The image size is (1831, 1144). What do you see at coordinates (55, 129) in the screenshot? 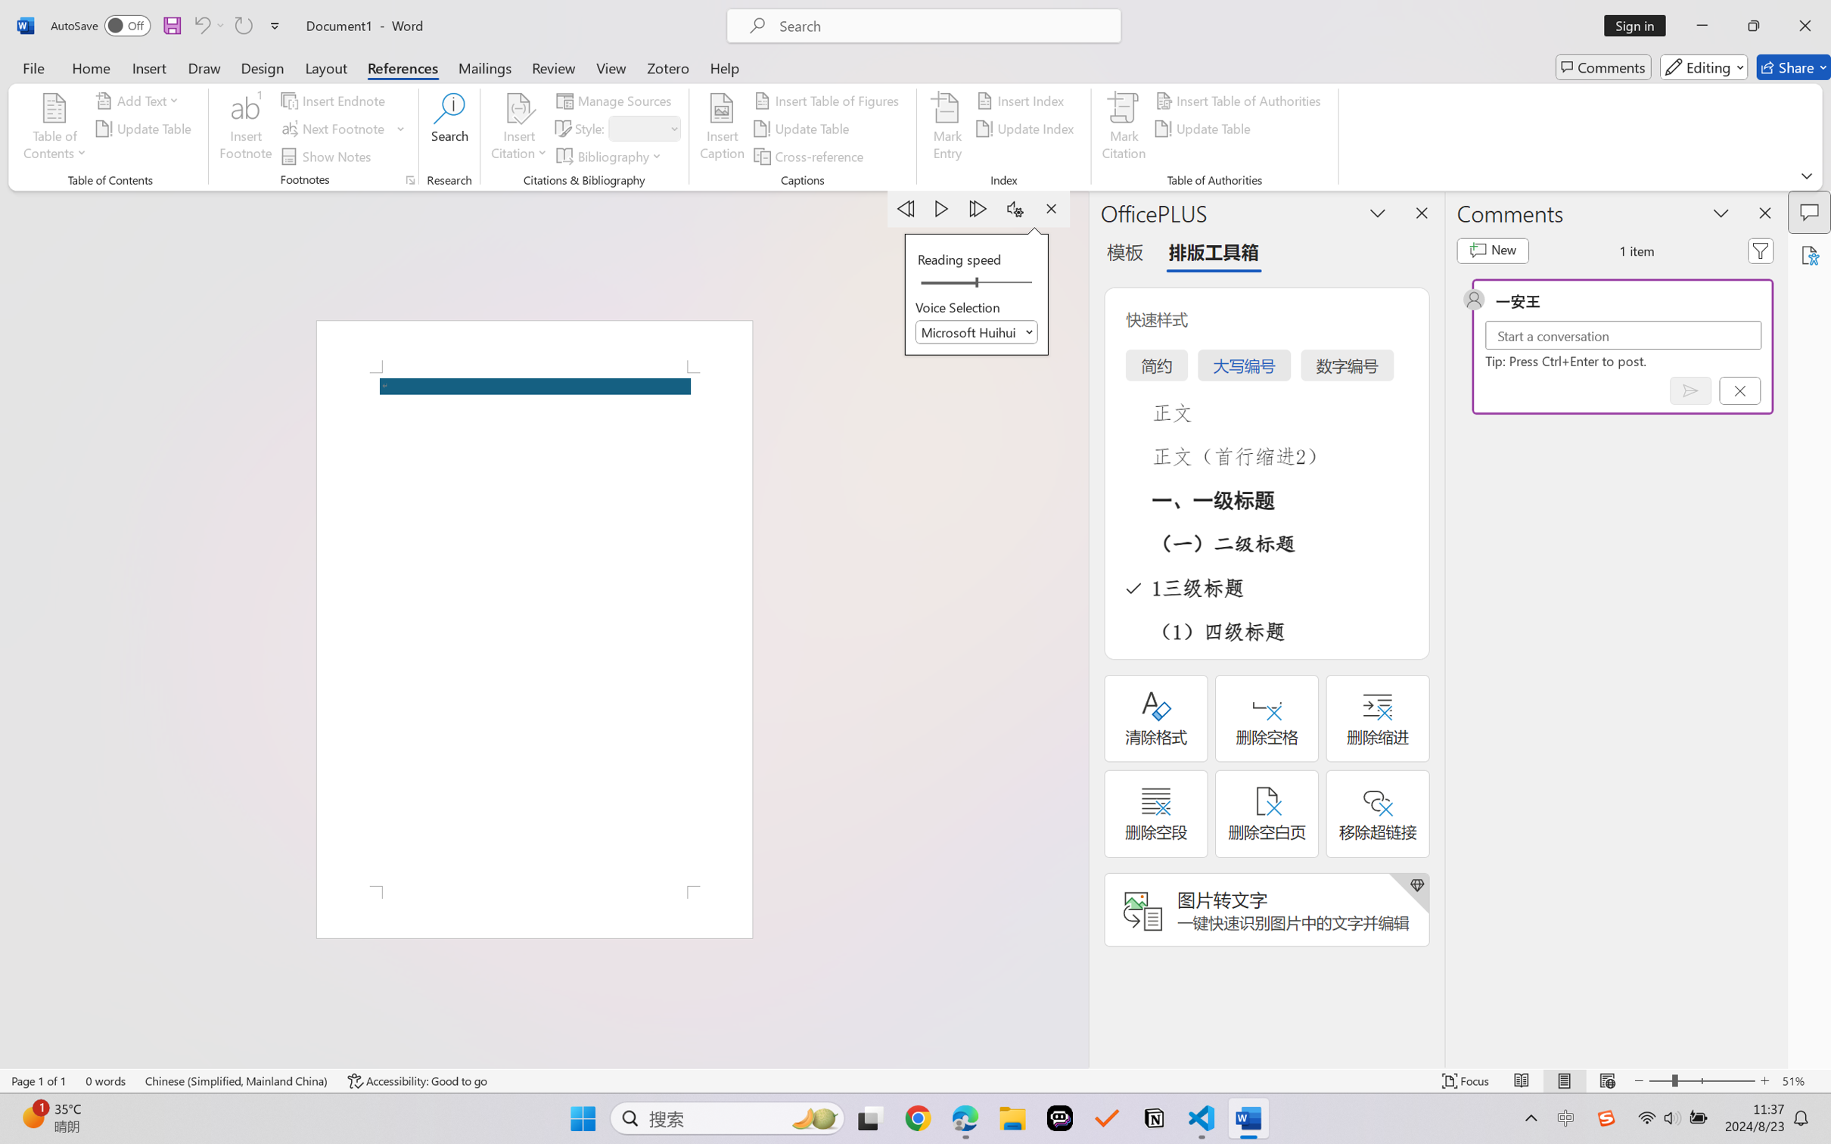
I see `'Table of Contents'` at bounding box center [55, 129].